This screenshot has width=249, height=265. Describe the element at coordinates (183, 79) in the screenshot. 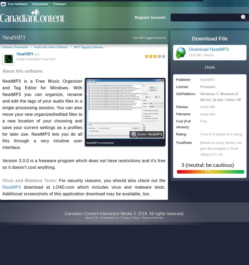

I see `'Publisher:'` at that location.